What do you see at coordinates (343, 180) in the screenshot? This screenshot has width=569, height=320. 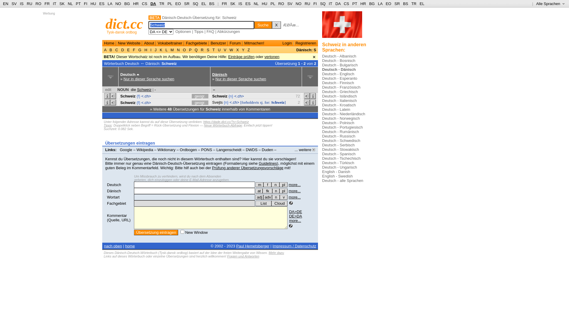 I see `'Deutsch - alle Sprachen'` at bounding box center [343, 180].